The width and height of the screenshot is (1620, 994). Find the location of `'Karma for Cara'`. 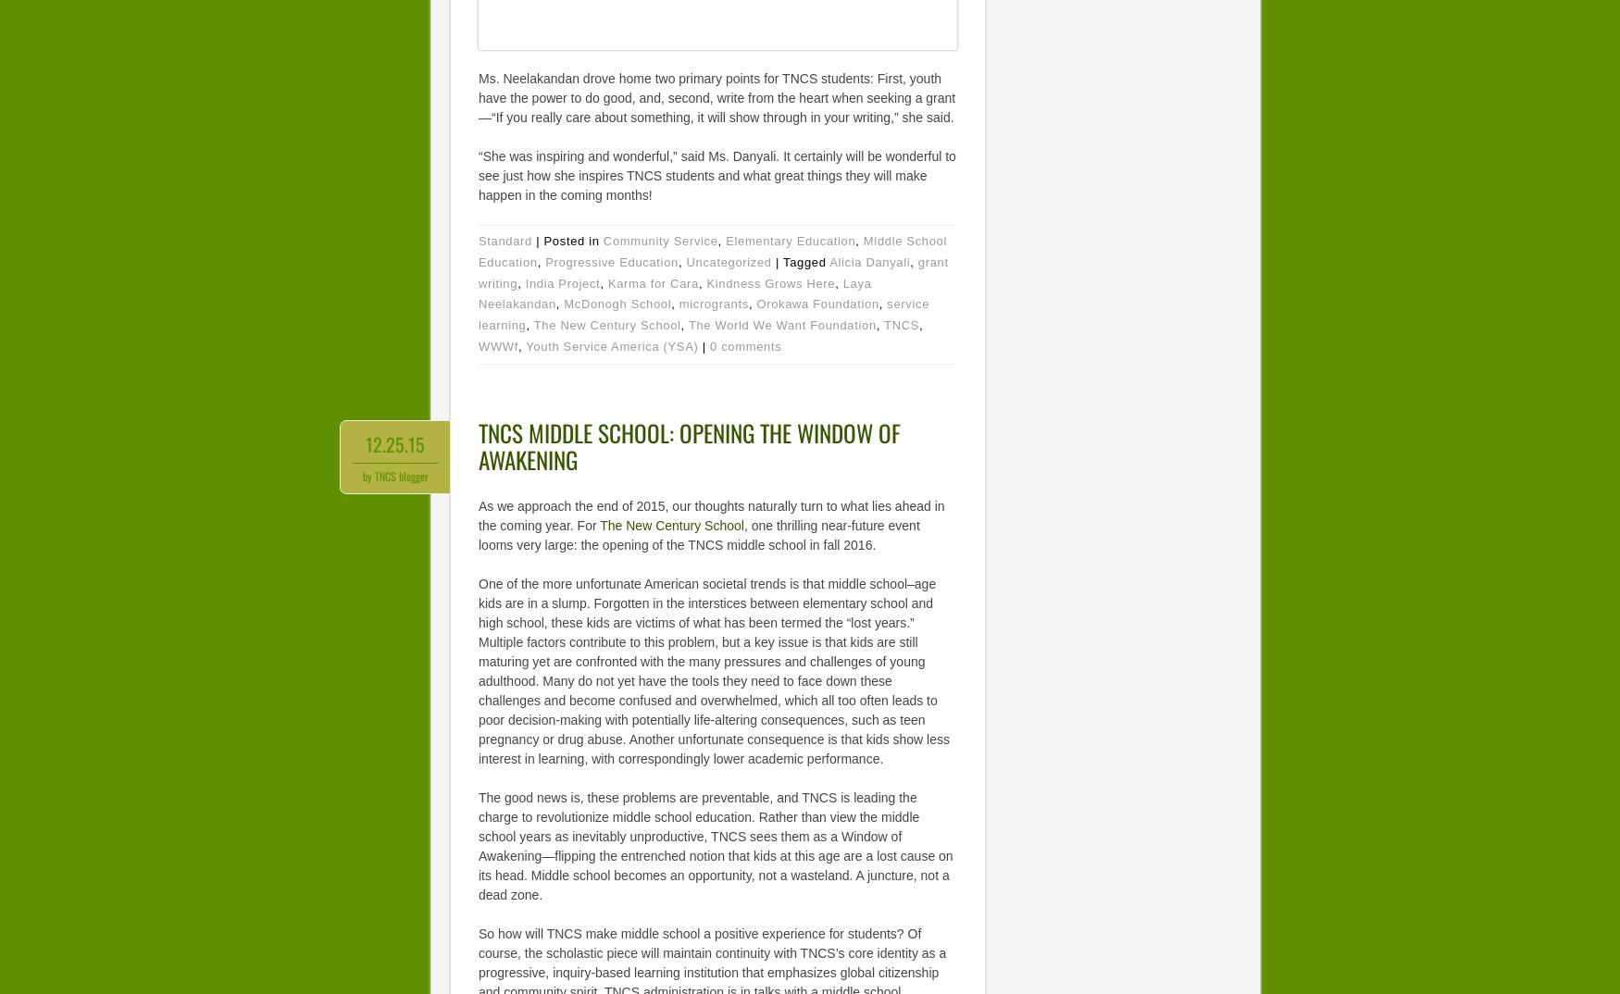

'Karma for Cara' is located at coordinates (606, 282).